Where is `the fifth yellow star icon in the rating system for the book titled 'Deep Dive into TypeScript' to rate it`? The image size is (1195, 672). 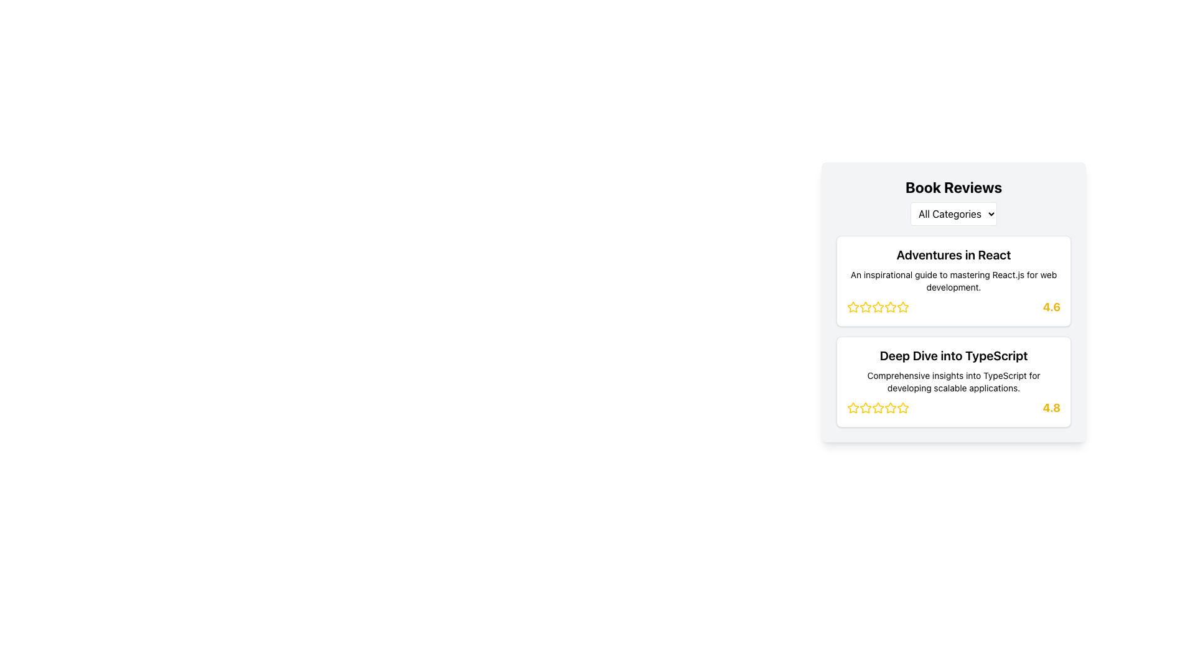
the fifth yellow star icon in the rating system for the book titled 'Deep Dive into TypeScript' to rate it is located at coordinates (878, 408).